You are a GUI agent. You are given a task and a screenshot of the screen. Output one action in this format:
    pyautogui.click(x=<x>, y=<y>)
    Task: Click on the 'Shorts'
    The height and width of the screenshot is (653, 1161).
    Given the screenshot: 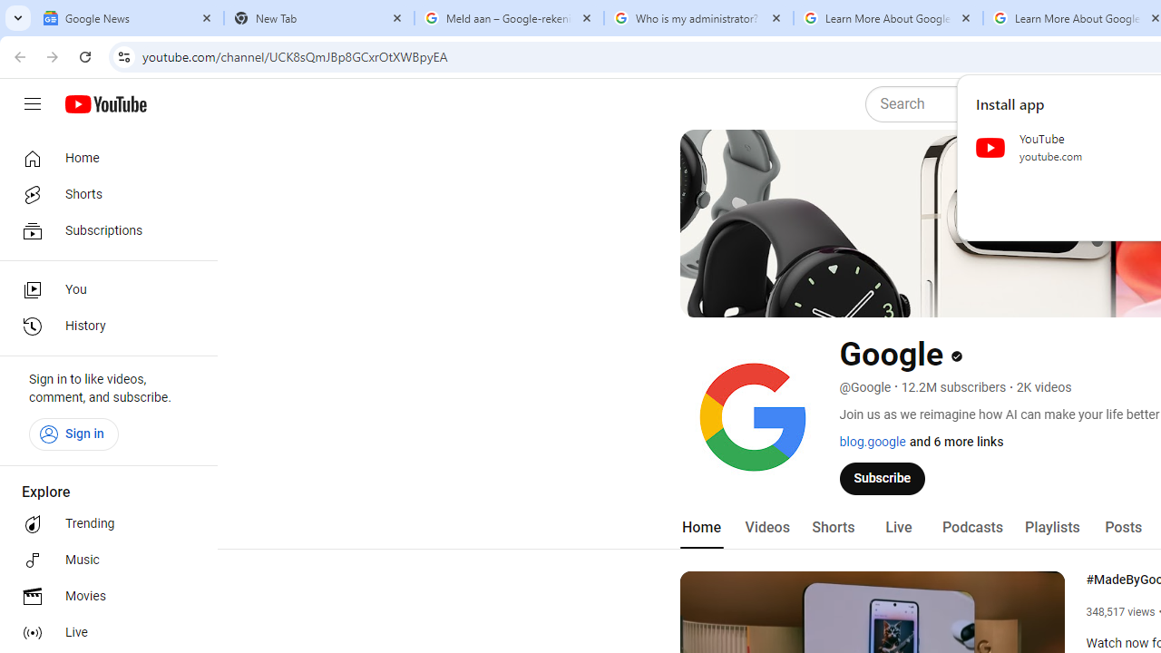 What is the action you would take?
    pyautogui.click(x=832, y=527)
    